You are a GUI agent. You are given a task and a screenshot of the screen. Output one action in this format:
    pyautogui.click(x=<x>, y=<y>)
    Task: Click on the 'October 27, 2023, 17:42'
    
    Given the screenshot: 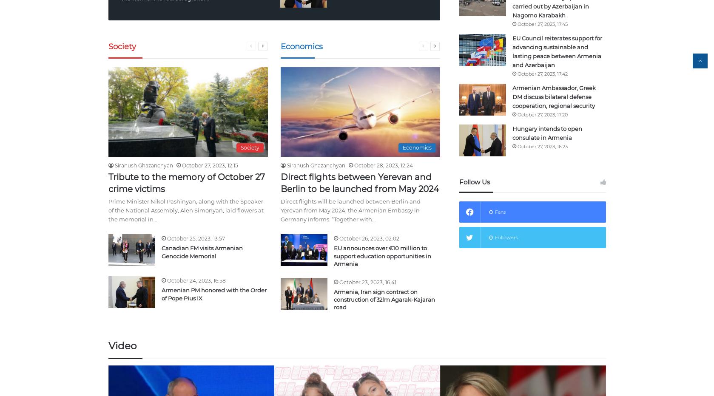 What is the action you would take?
    pyautogui.click(x=542, y=73)
    